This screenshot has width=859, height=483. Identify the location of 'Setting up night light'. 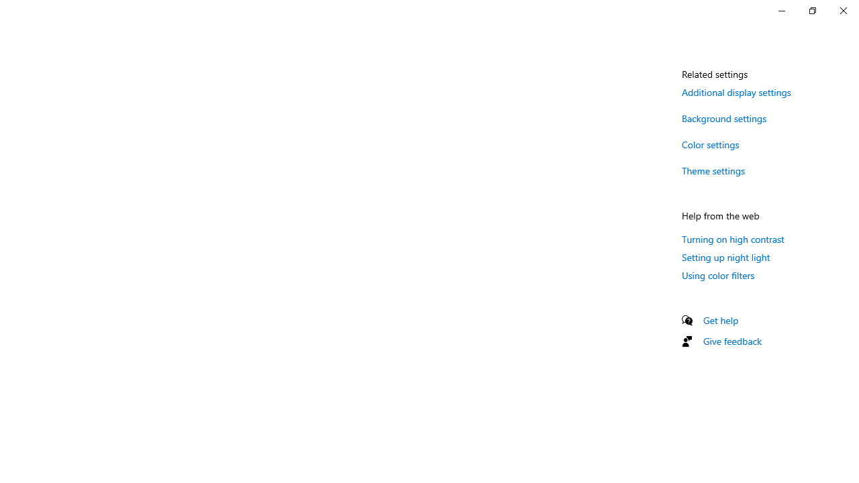
(725, 257).